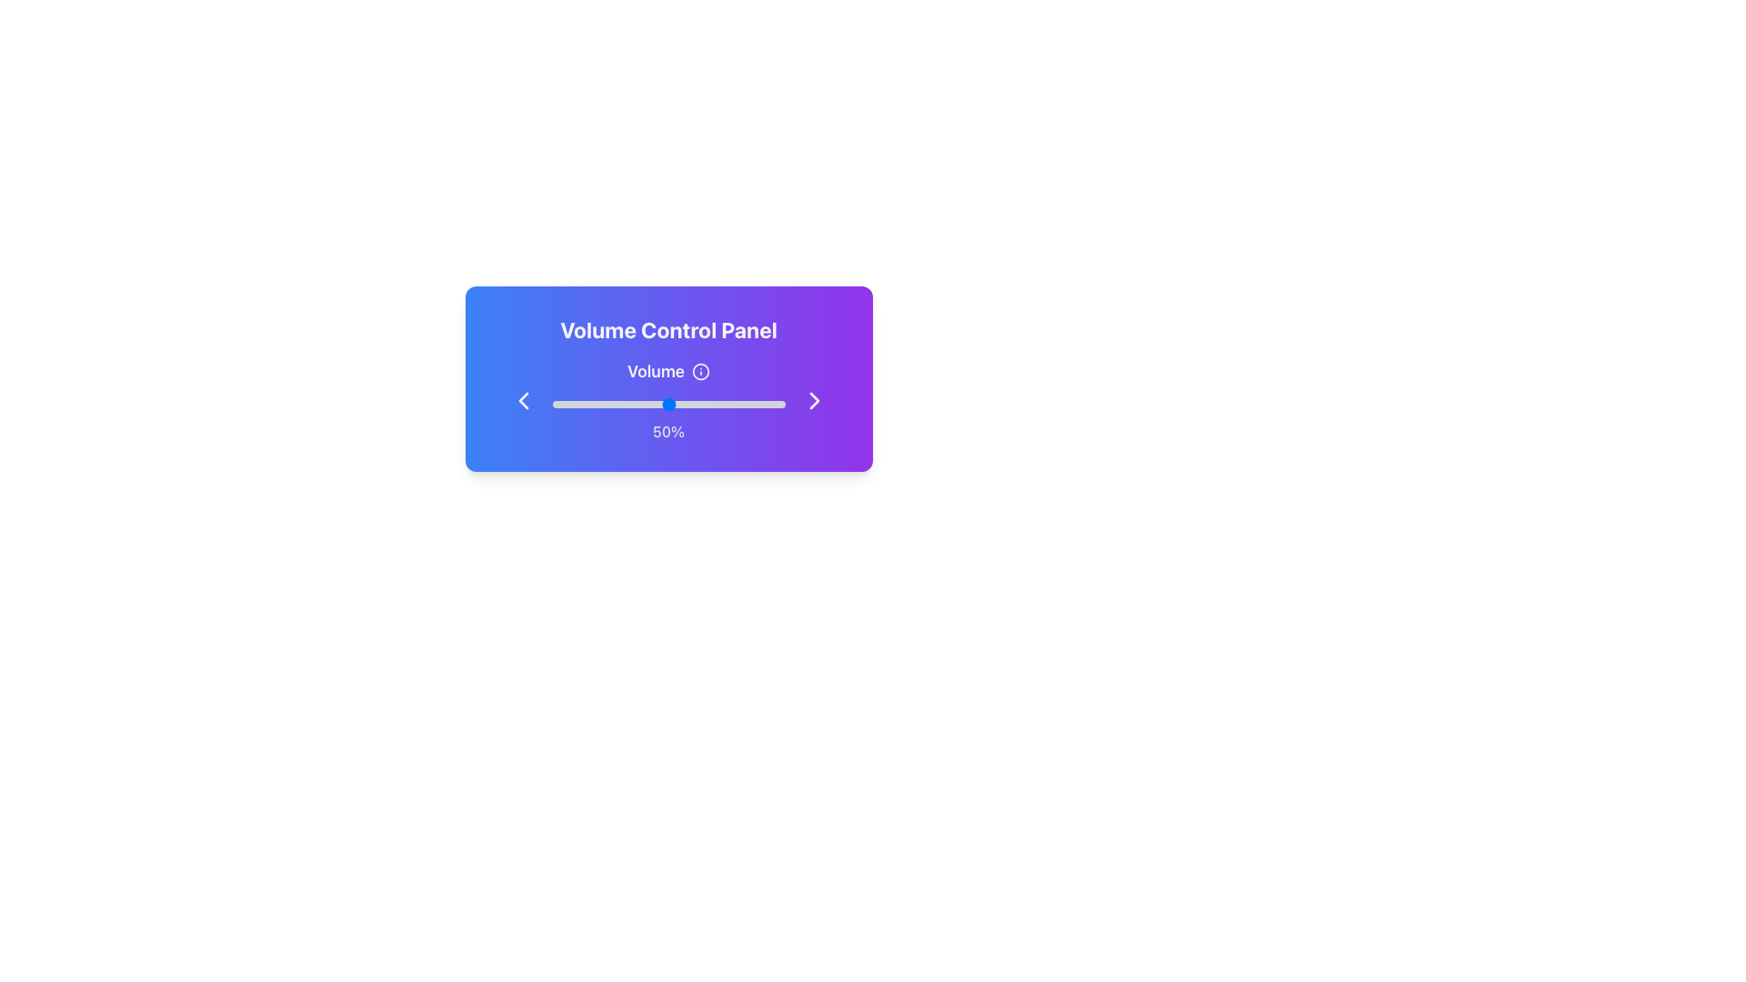 The height and width of the screenshot is (982, 1746). I want to click on the volume level, so click(650, 403).